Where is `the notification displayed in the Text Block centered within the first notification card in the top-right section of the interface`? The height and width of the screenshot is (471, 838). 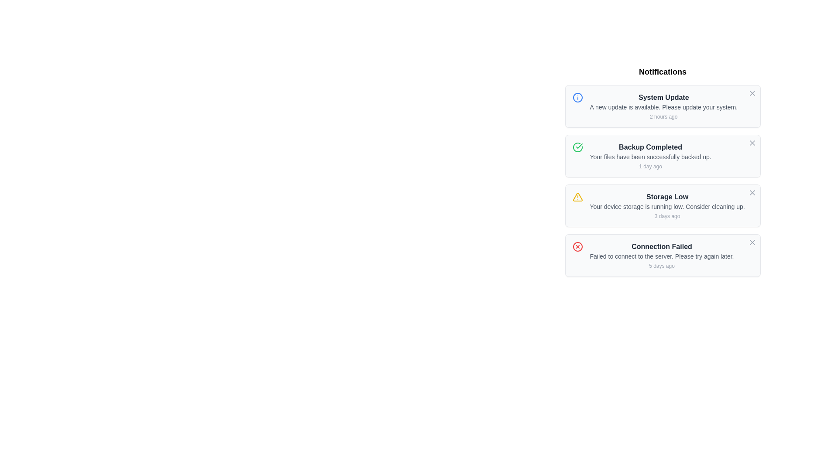
the notification displayed in the Text Block centered within the first notification card in the top-right section of the interface is located at coordinates (663, 106).